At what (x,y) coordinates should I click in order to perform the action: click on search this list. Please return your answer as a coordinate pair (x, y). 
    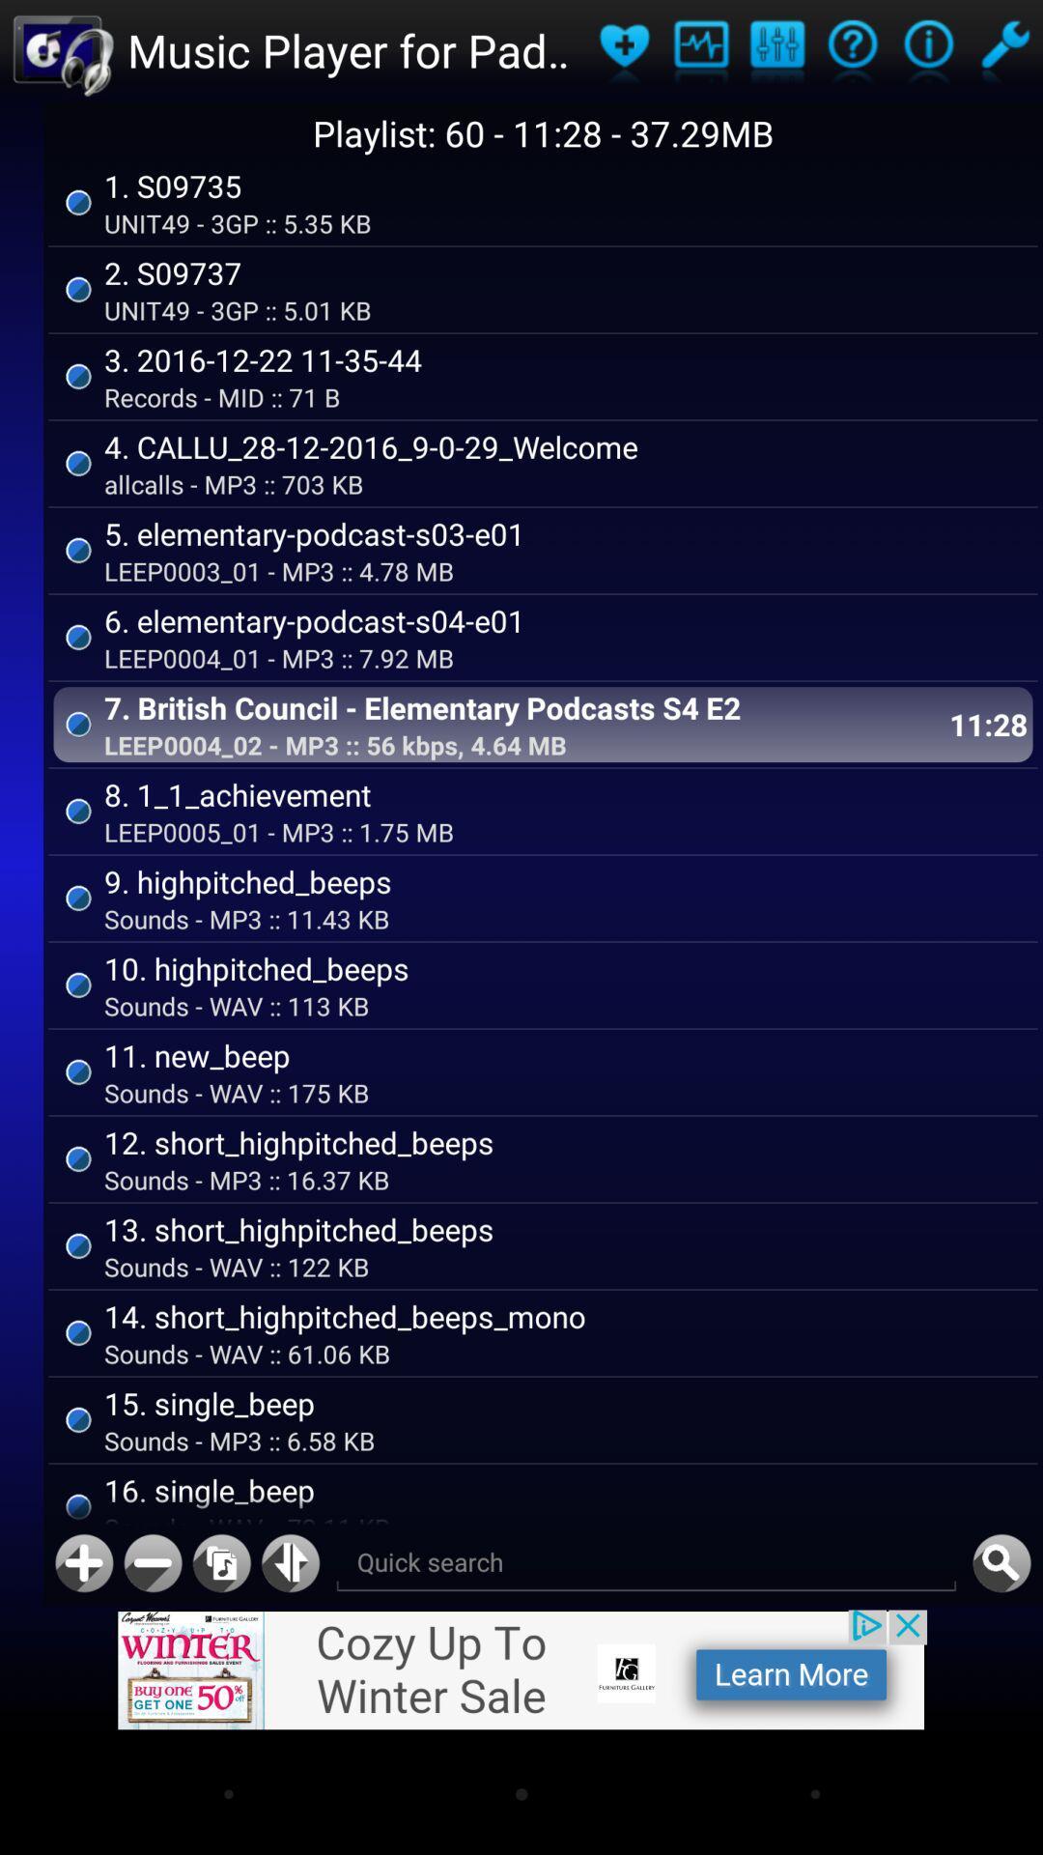
    Looking at the image, I should click on (1001, 1563).